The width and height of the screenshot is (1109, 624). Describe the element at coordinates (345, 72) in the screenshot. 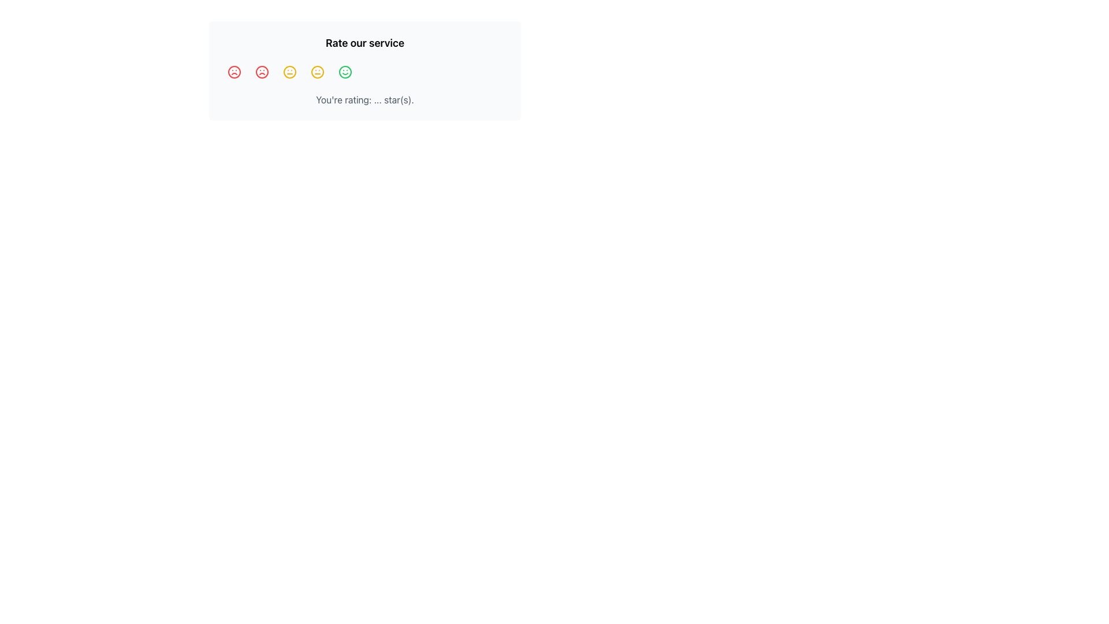

I see `the very positive feedback button represented by the smiling face, which is the last icon` at that location.